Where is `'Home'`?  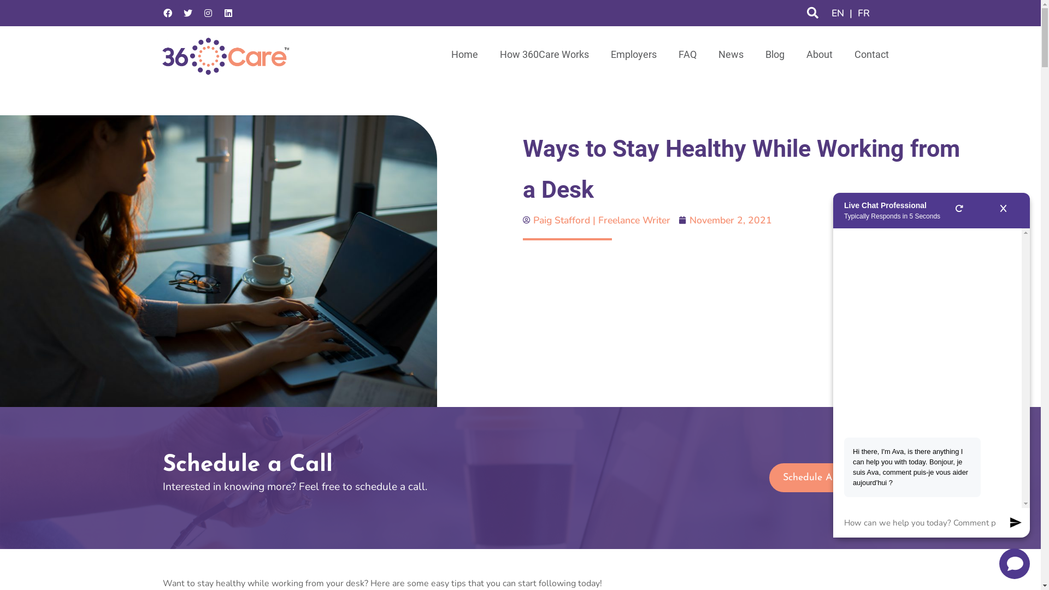
'Home' is located at coordinates (464, 55).